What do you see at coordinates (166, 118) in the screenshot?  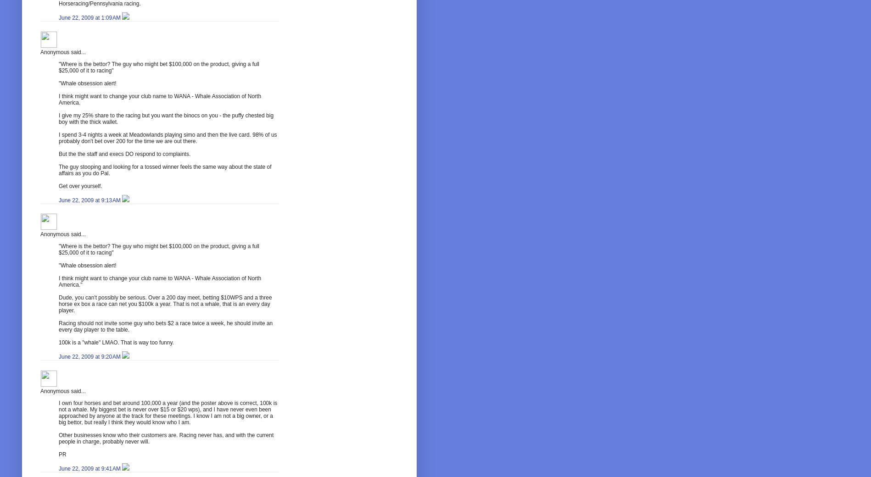 I see `'I give my 25% share to the racing but you want the binocs on you - the puffy chested big boy with the thick wallet.'` at bounding box center [166, 118].